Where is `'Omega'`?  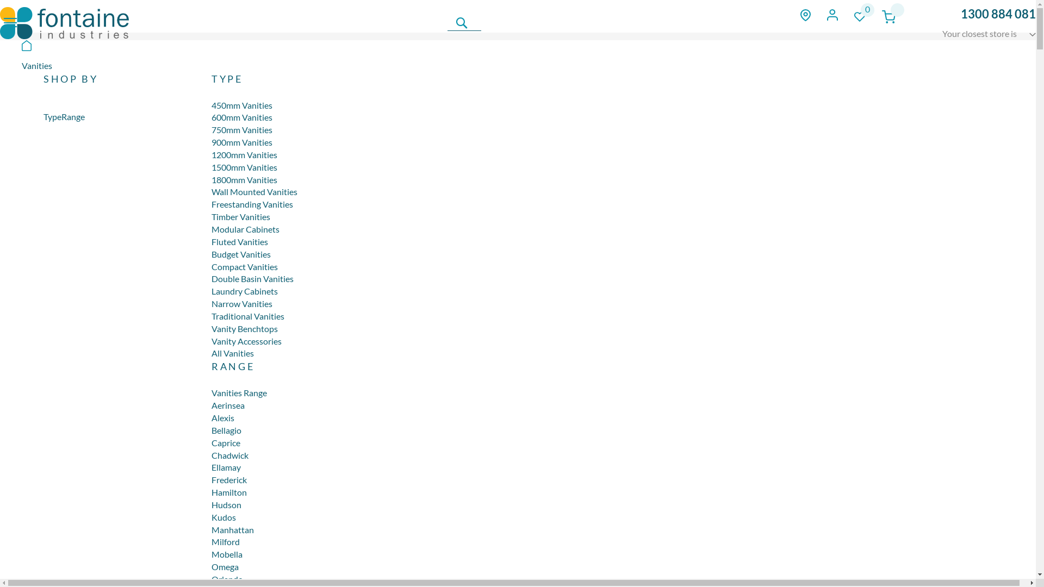 'Omega' is located at coordinates (224, 566).